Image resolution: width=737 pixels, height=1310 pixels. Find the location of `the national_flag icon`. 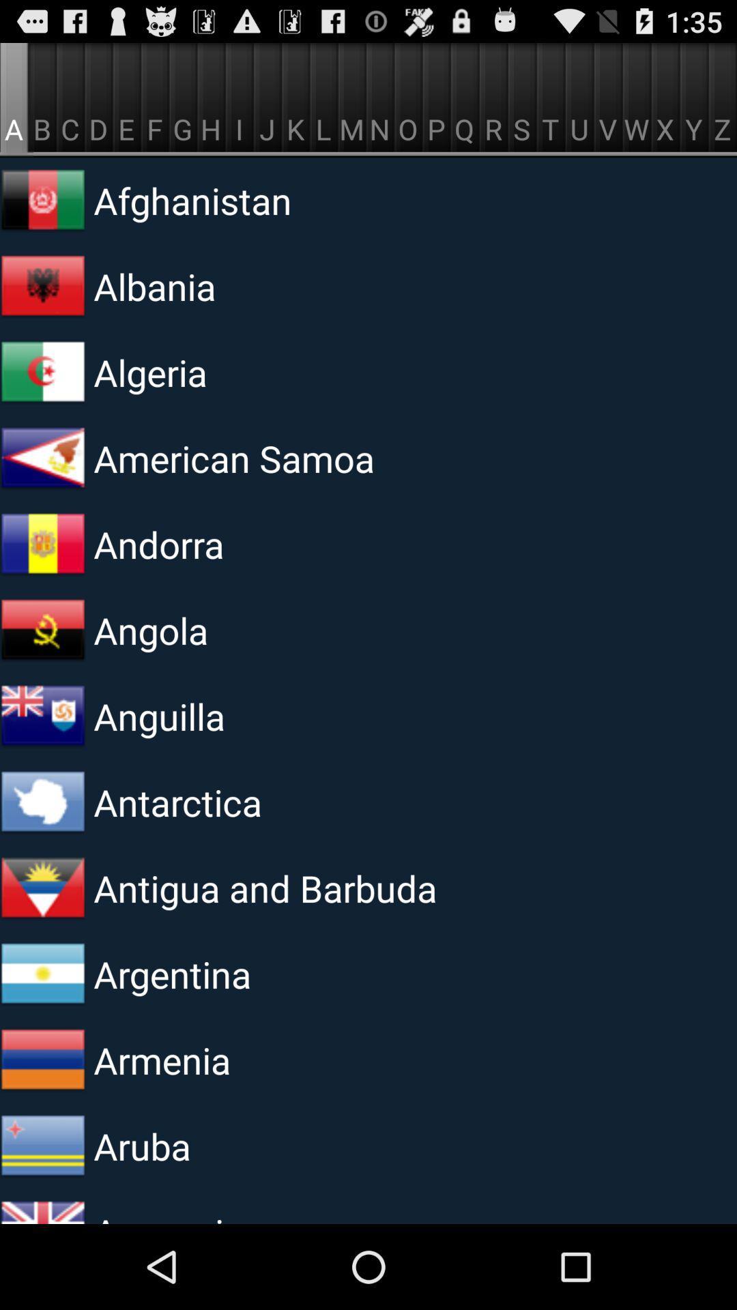

the national_flag icon is located at coordinates (42, 766).